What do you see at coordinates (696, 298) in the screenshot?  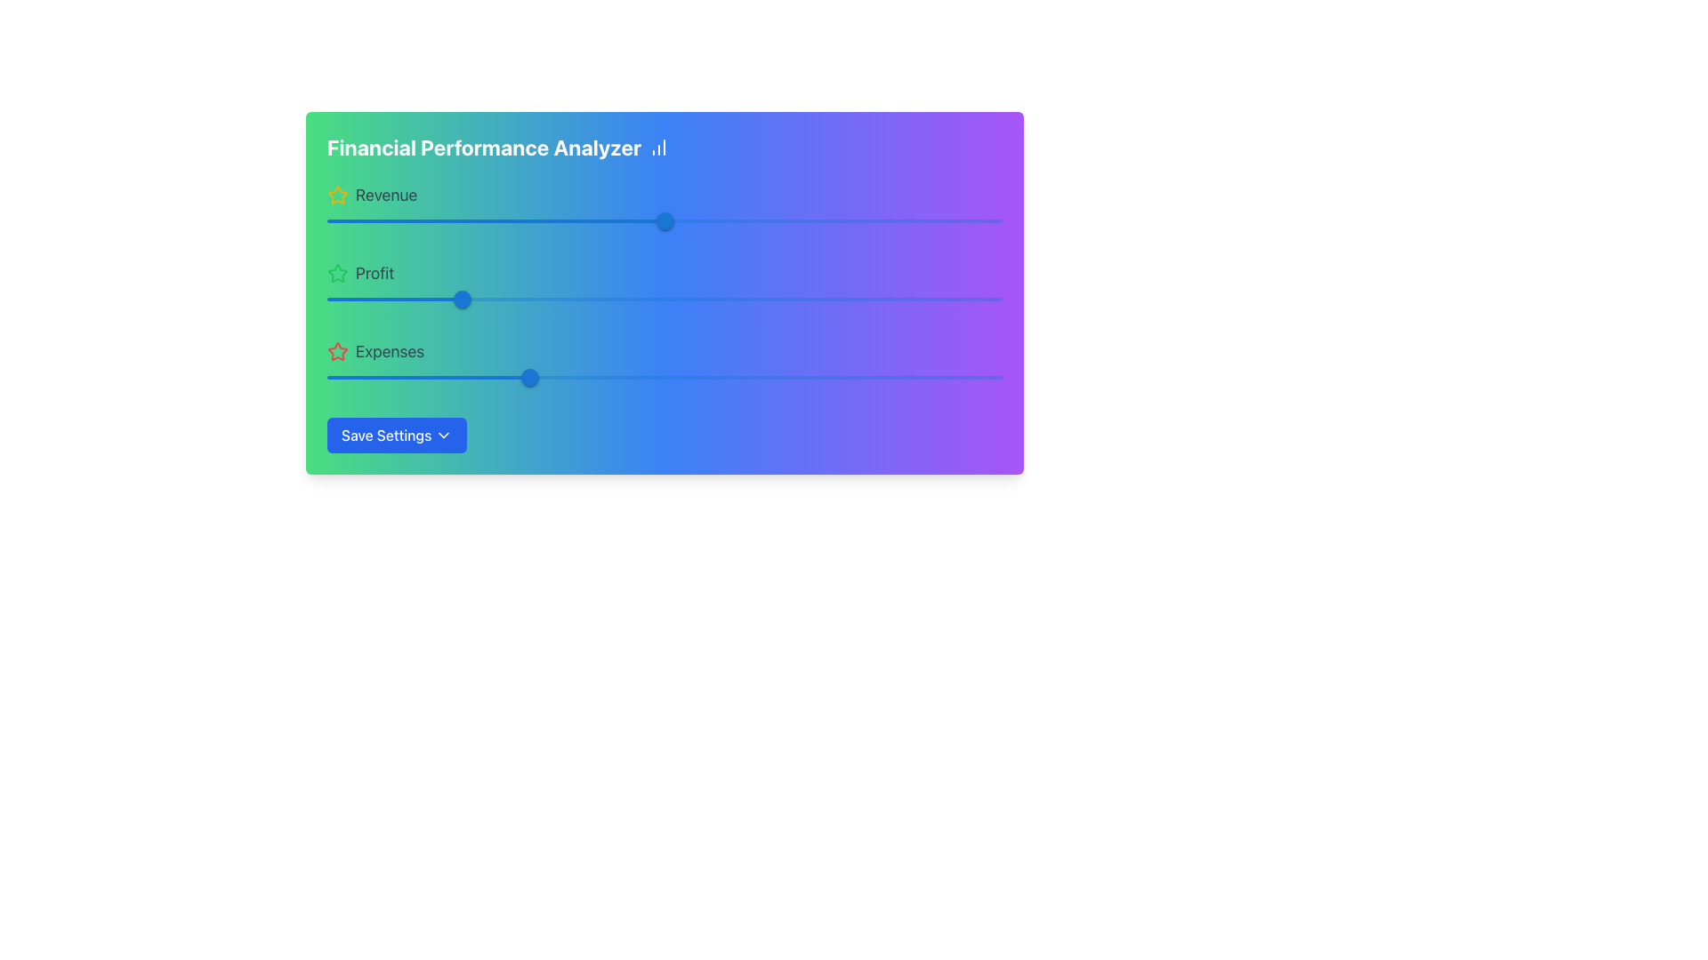 I see `the profit slider` at bounding box center [696, 298].